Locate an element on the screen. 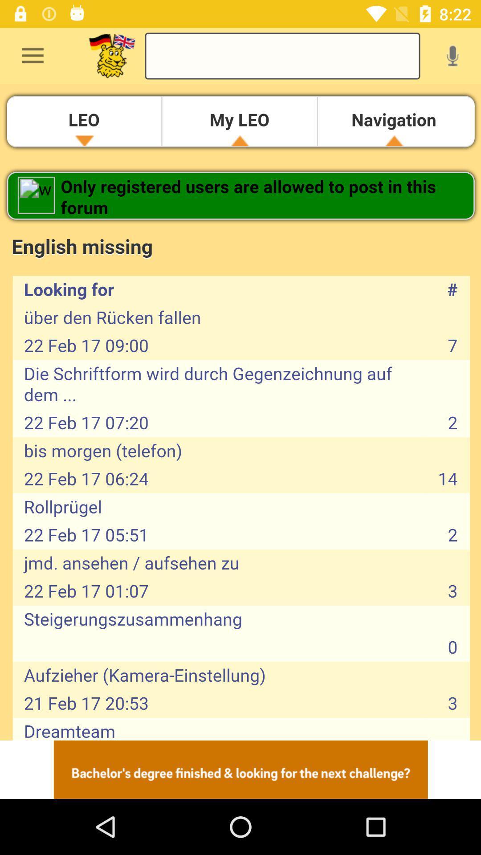 The height and width of the screenshot is (855, 481). sponsored content is located at coordinates (240, 769).